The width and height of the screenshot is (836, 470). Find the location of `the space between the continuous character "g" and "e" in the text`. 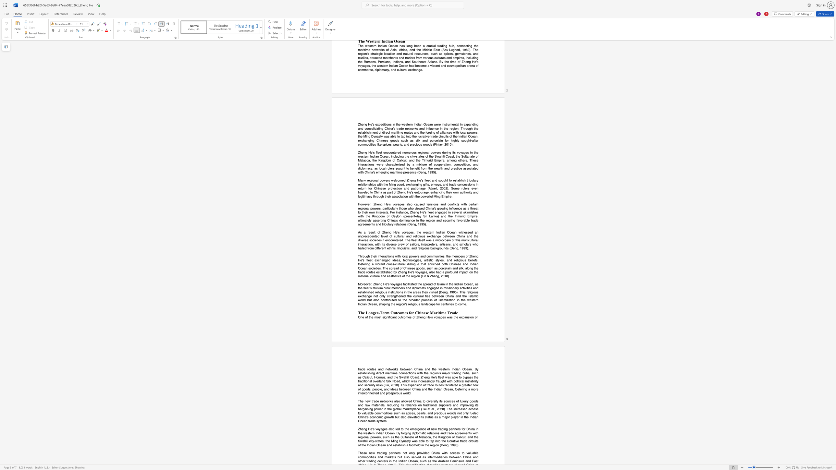

the space between the continuous character "g" and "e" in the text is located at coordinates (442, 317).